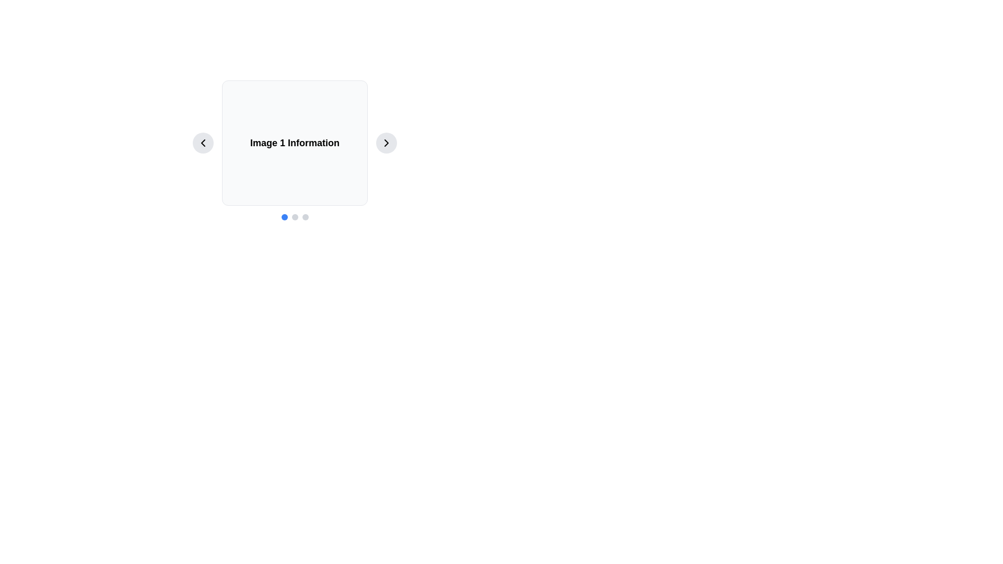  I want to click on the circular button marked with a left-pointing chevron icon located on the left side of the 'Image 1 Information' panel for keyboard navigation, so click(203, 143).